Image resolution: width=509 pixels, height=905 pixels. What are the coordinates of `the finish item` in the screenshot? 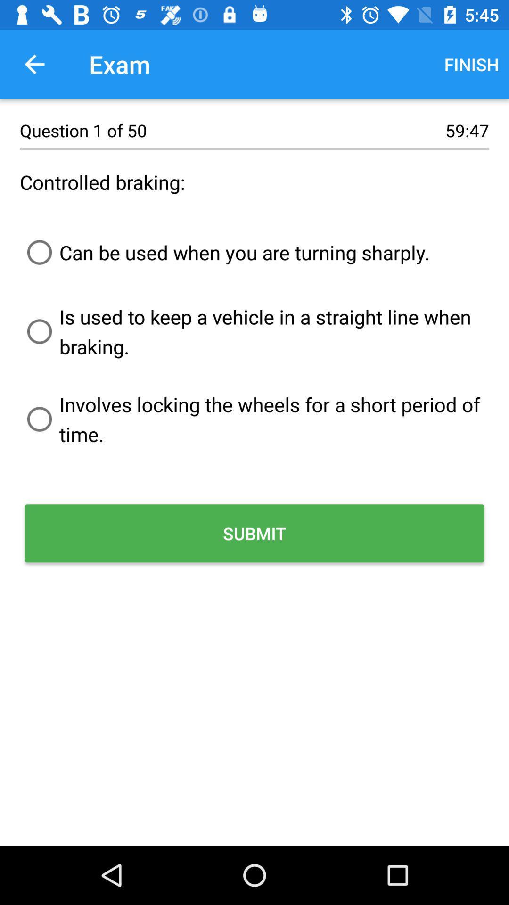 It's located at (471, 64).